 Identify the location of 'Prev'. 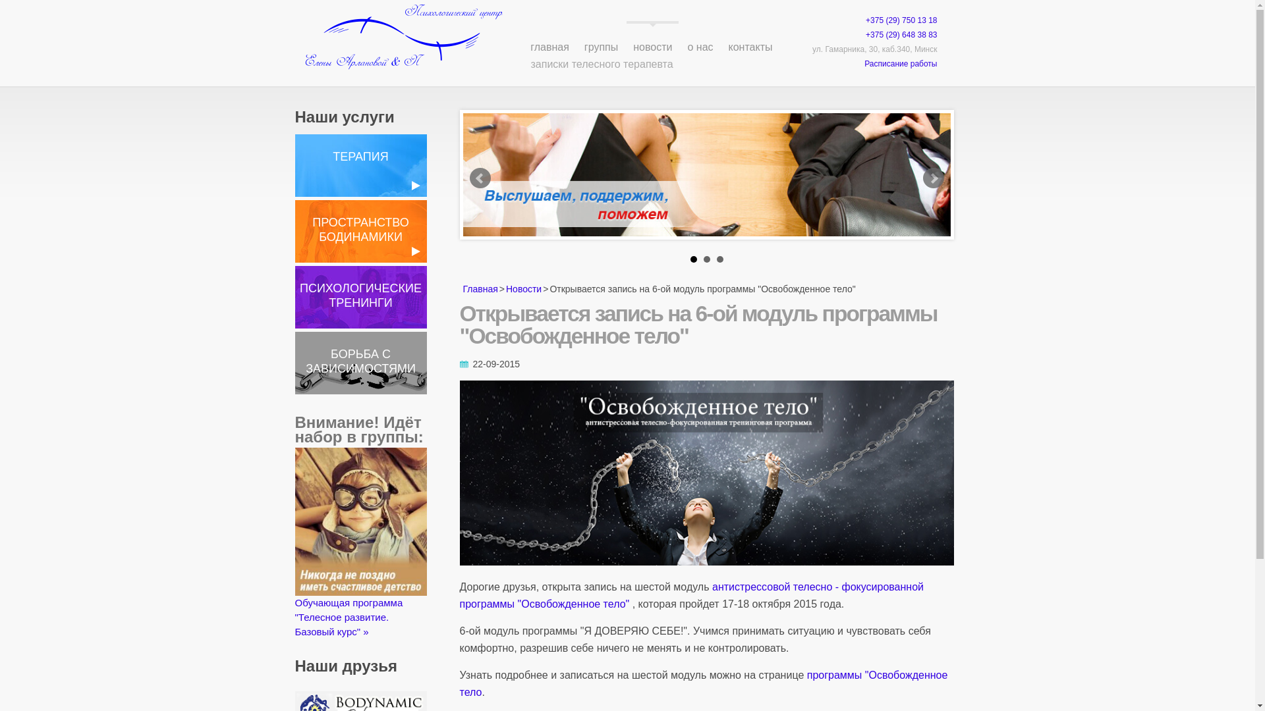
(479, 178).